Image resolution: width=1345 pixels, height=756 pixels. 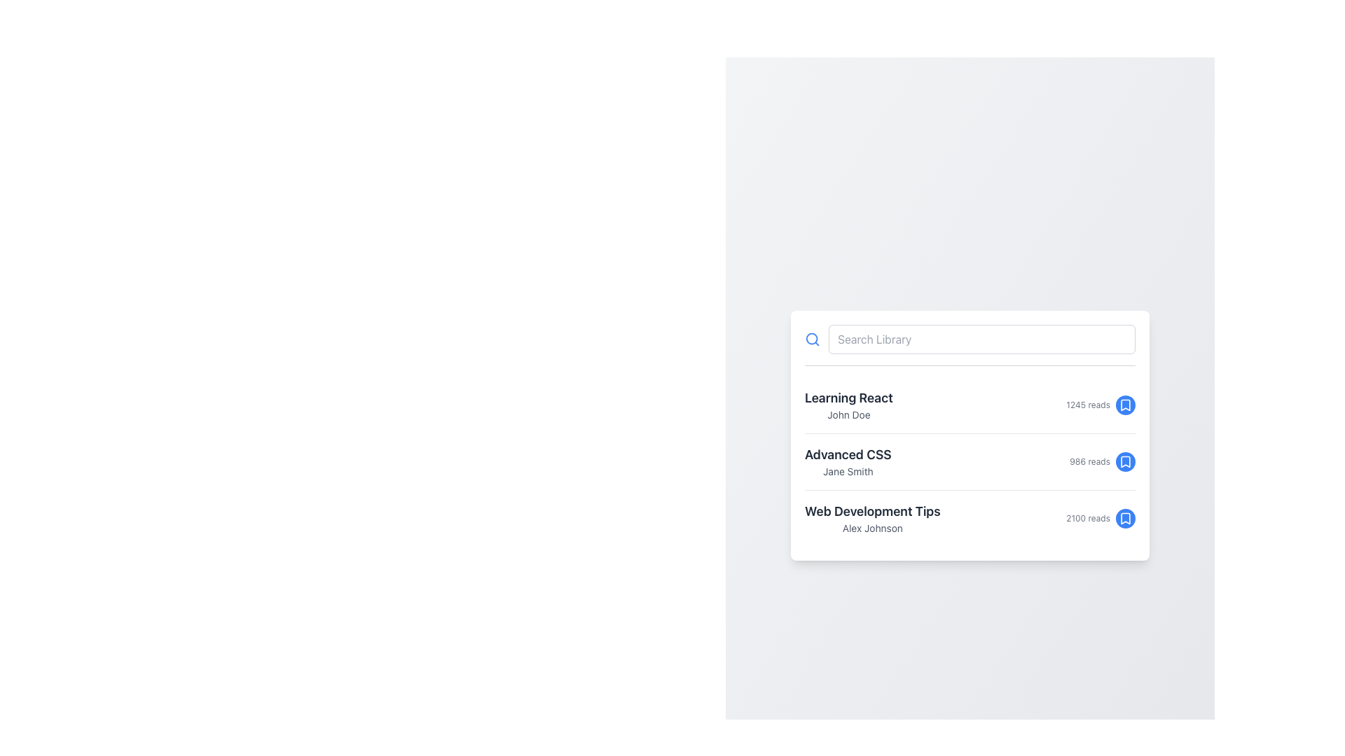 What do you see at coordinates (1126, 518) in the screenshot?
I see `the circular blue button with a white bookmark icon located at the bottom-right of the 'Web Development Tips' section to bookmark the item` at bounding box center [1126, 518].